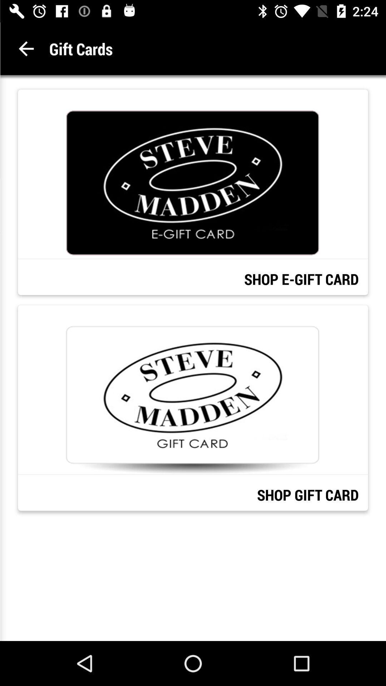 The width and height of the screenshot is (386, 686). I want to click on the item to the left of gift cards item, so click(26, 48).